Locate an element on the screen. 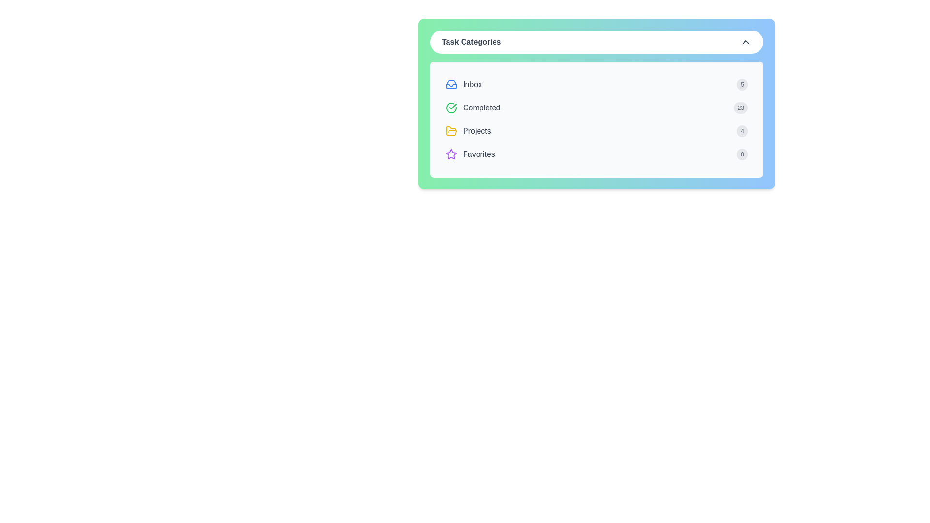  the star-shaped icon outlined in purple with a white background located in the 'Favorites' section of the 'Task Categories' pane is located at coordinates (450, 154).